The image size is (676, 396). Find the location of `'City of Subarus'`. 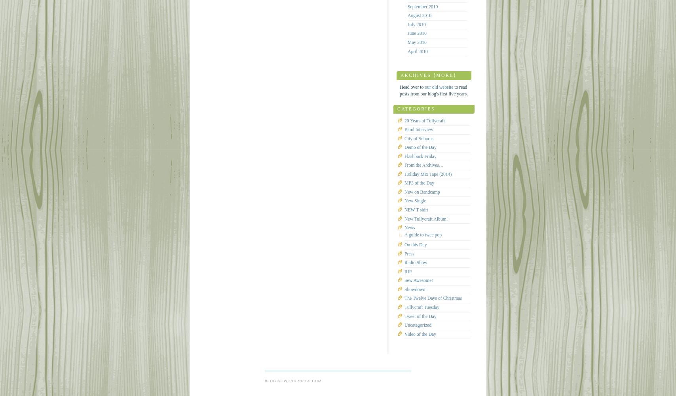

'City of Subarus' is located at coordinates (419, 138).